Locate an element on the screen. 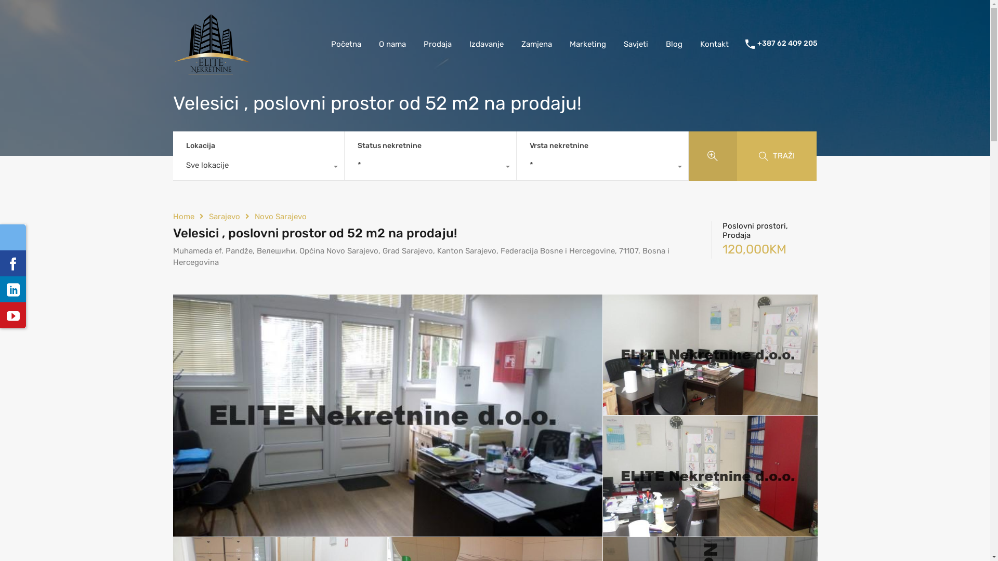 Image resolution: width=998 pixels, height=561 pixels. 'Kontakt' is located at coordinates (714, 43).